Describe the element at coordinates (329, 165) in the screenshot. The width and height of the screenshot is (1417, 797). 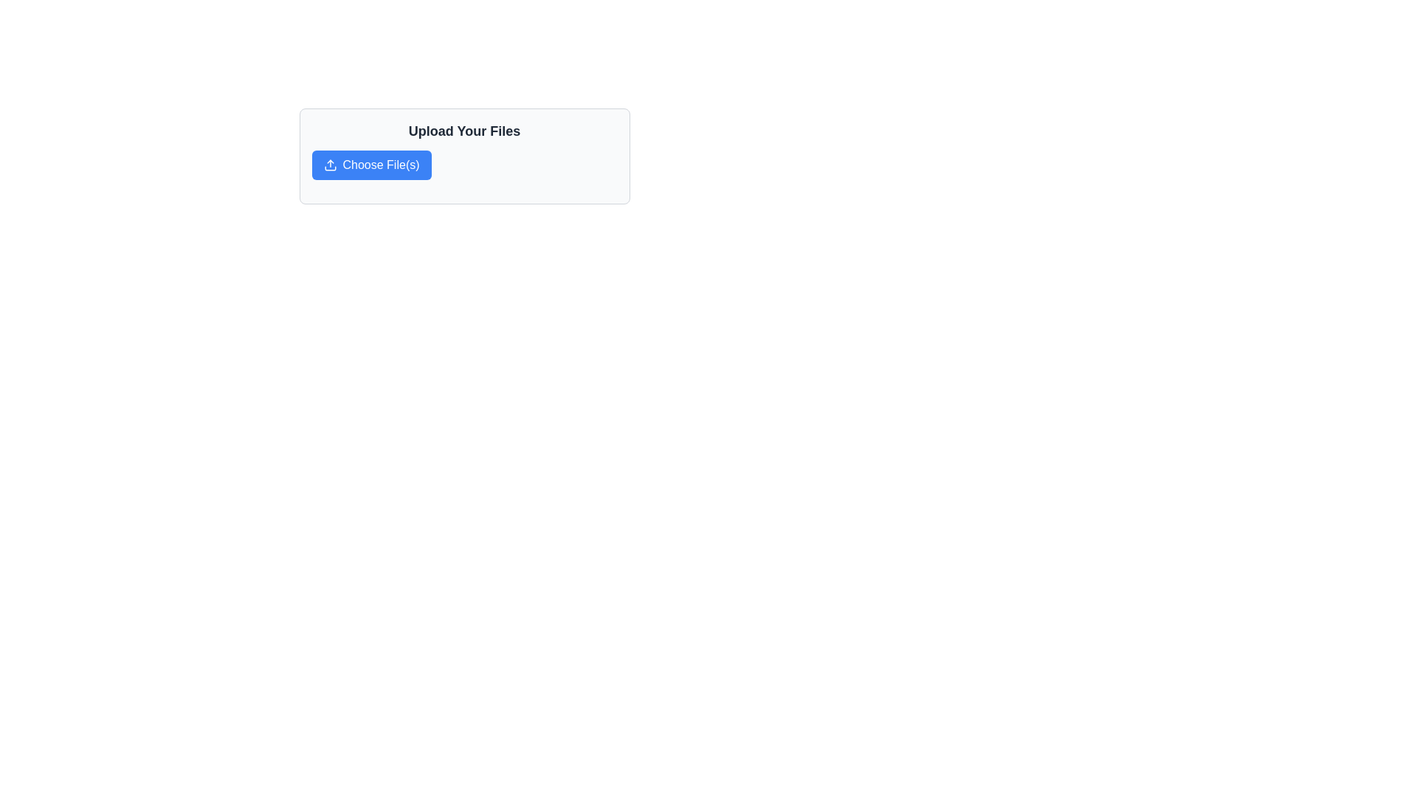
I see `the SVG upload icon within the rounded blue button labeled 'Choose File(s)'` at that location.